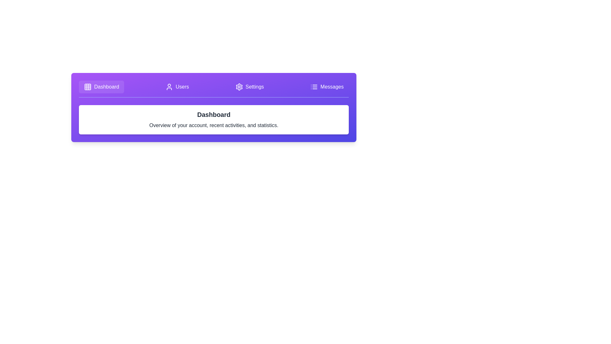  What do you see at coordinates (255, 87) in the screenshot?
I see `the 'Settings' label in the top navigation bar, which is positioned between the 'Users' and 'Messages' menu items` at bounding box center [255, 87].